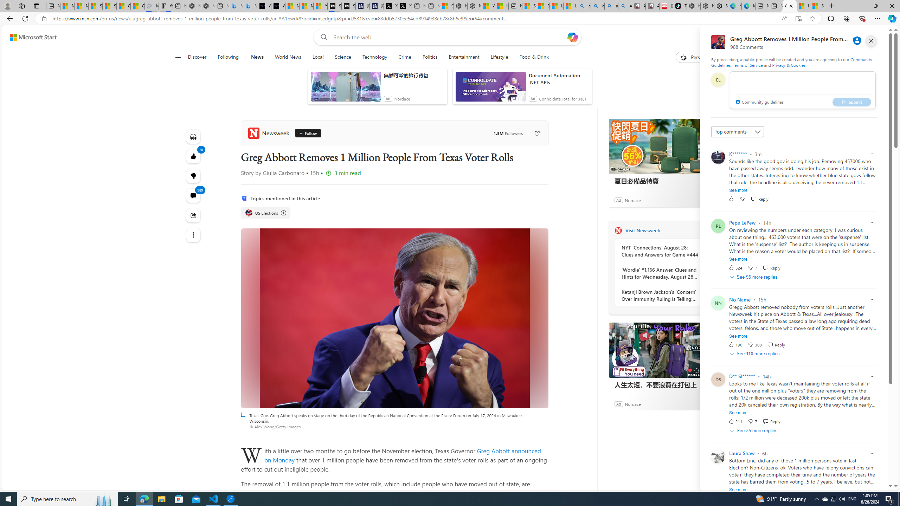 This screenshot has height=506, width=900. Describe the element at coordinates (305, 133) in the screenshot. I see `'Follow'` at that location.